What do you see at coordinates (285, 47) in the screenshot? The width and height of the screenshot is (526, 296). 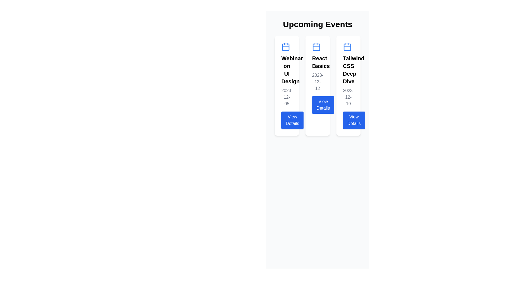 I see `the small SVG rectangle with rounded corners located within the calendar icon on the first card under 'Upcoming Events'` at bounding box center [285, 47].